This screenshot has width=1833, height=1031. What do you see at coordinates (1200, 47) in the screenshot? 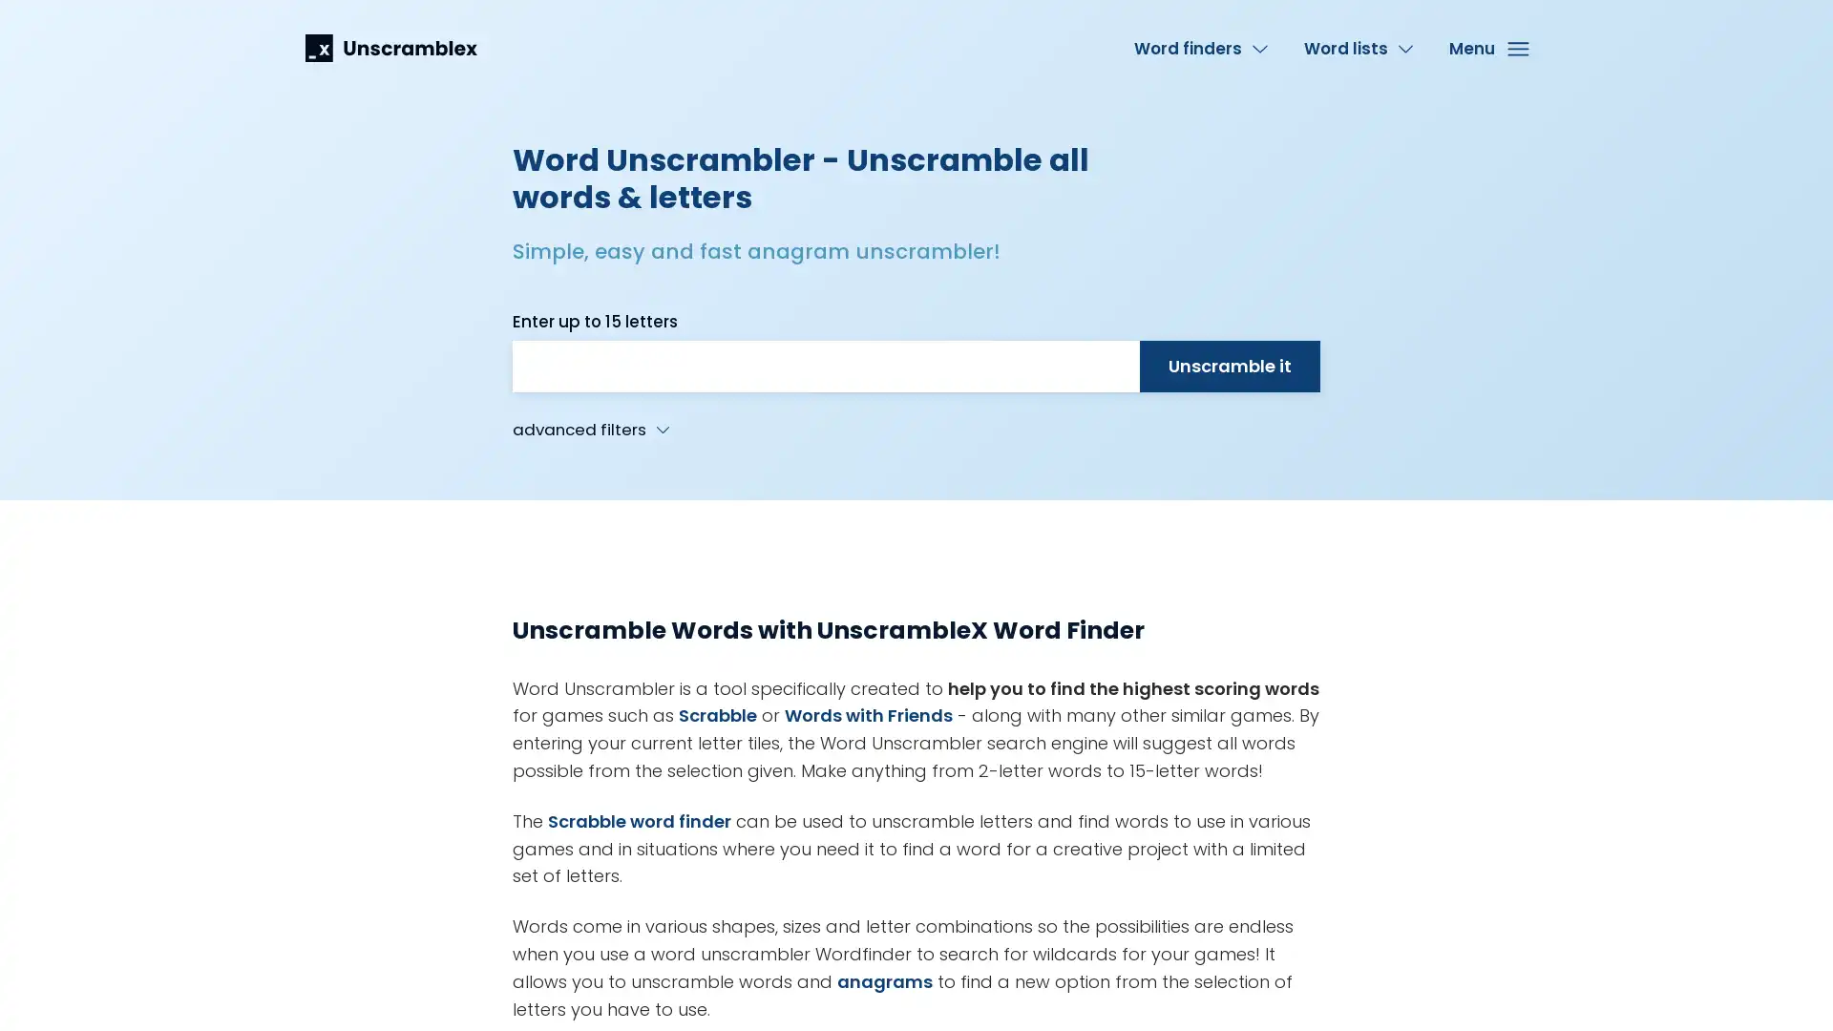
I see `Word finders` at bounding box center [1200, 47].